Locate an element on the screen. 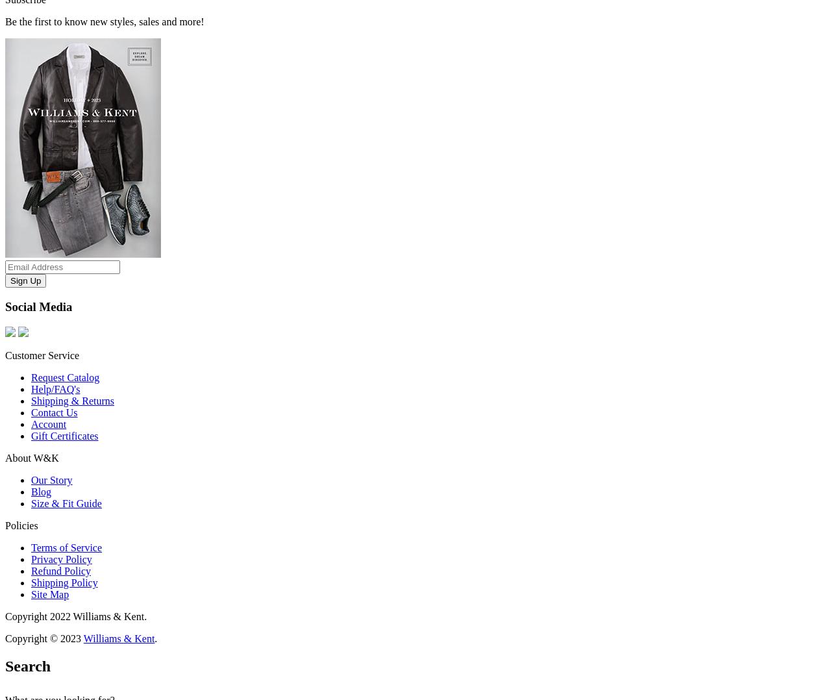 This screenshot has width=831, height=700. 'Customer Service' is located at coordinates (5, 354).